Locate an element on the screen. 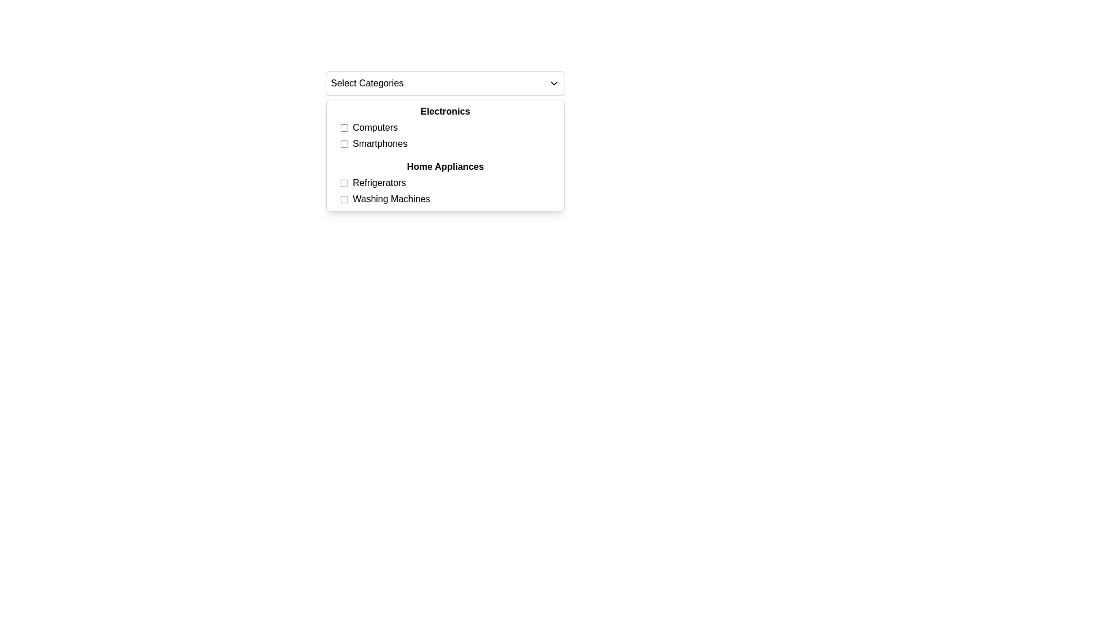 This screenshot has height=622, width=1105. the Chevron Down Indicator icon, which is located to the right of the 'Select Categories' button, to potentially trigger tooltip or style changes is located at coordinates (554, 83).